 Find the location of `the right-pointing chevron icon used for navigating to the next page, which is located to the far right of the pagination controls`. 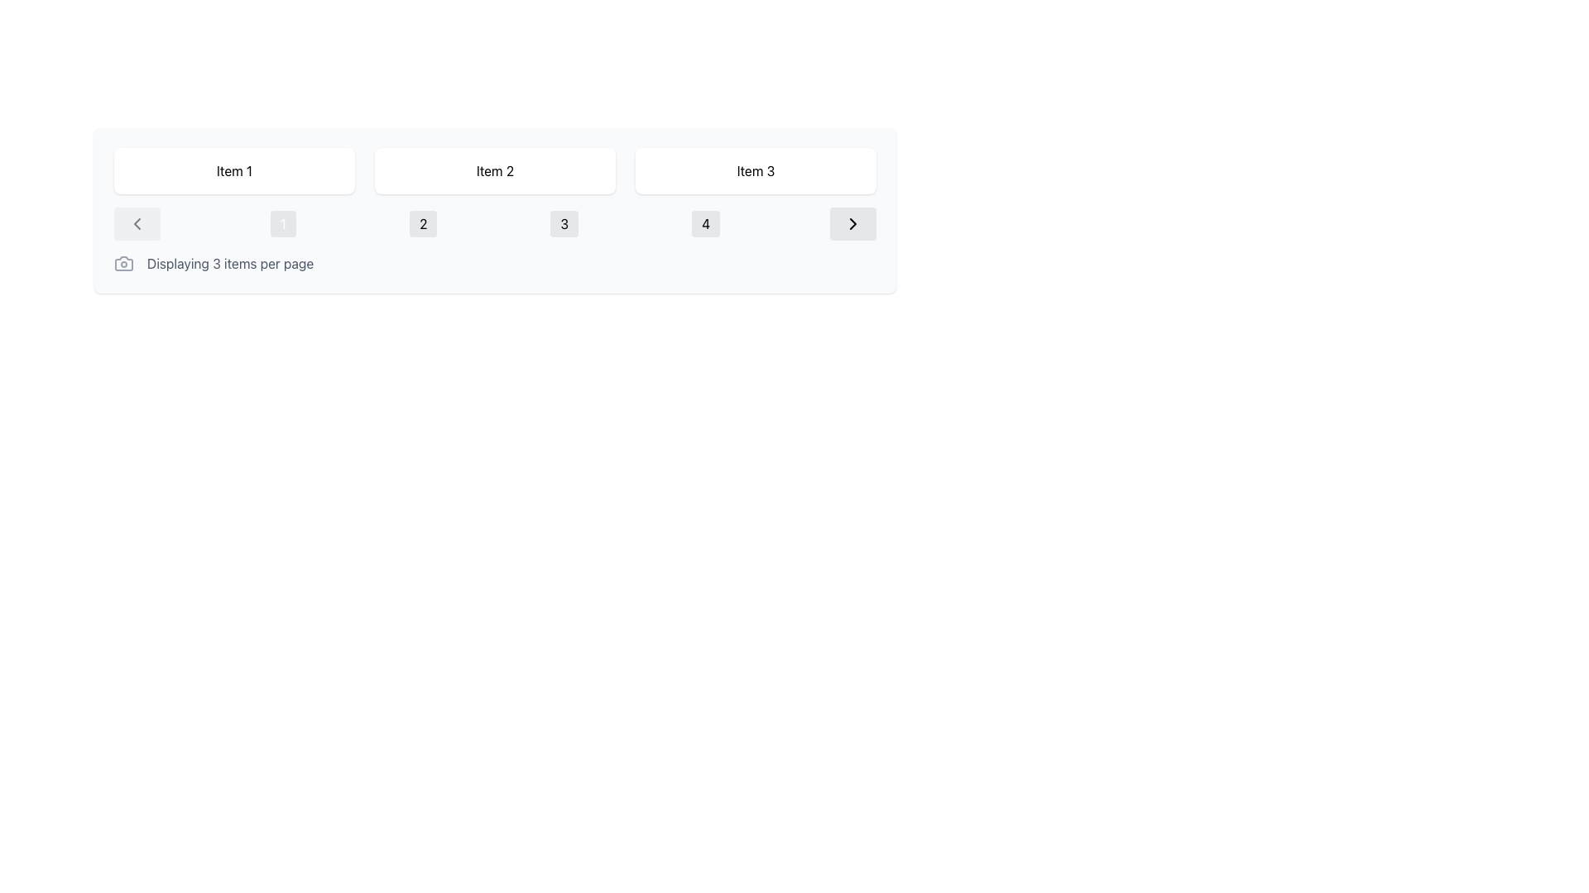

the right-pointing chevron icon used for navigating to the next page, which is located to the far right of the pagination controls is located at coordinates (853, 223).